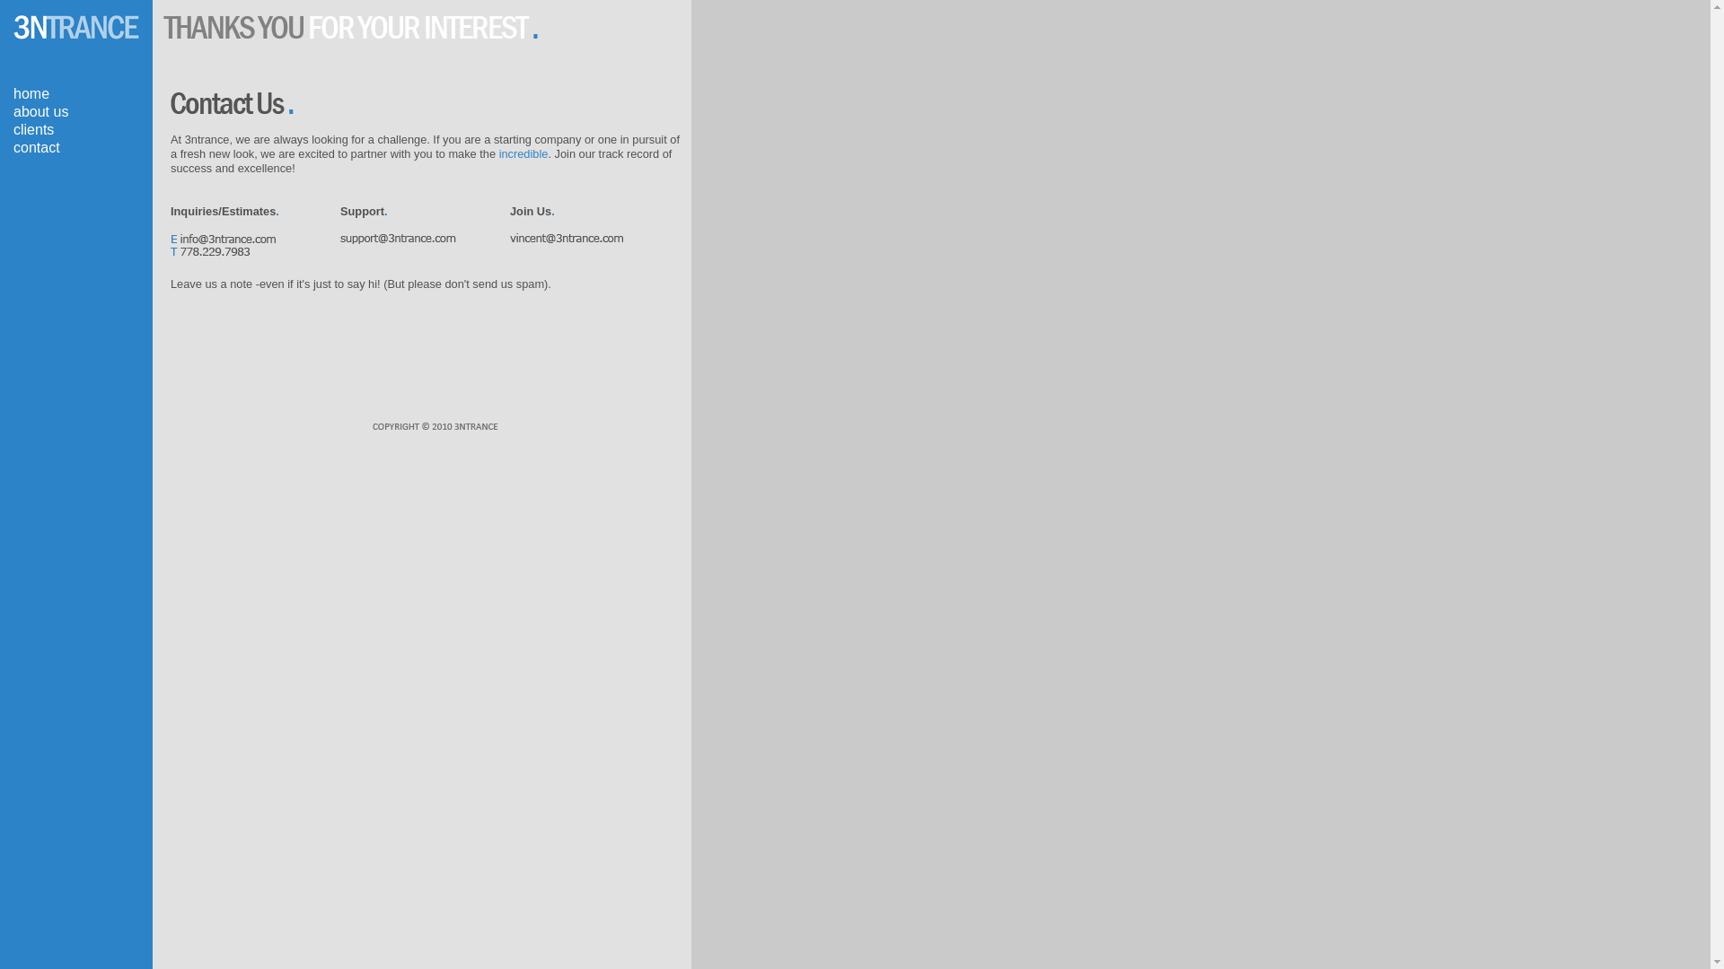  I want to click on 'contact', so click(37, 146).